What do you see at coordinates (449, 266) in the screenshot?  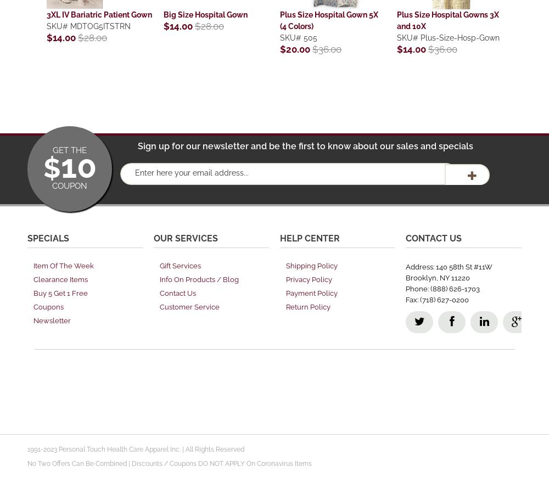 I see `'Address: 140 58th St #11W'` at bounding box center [449, 266].